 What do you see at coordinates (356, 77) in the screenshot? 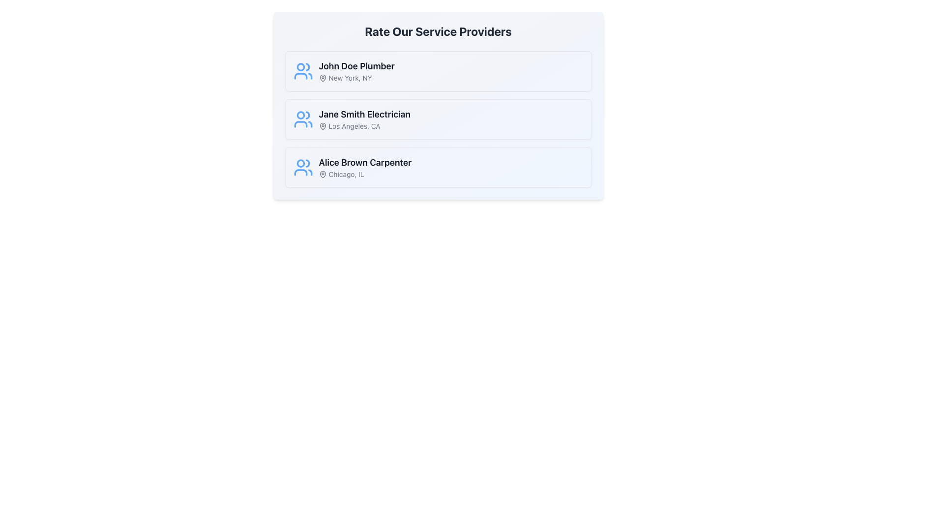
I see `the label indicating the location 'New York, NY' associated with 'John Doe Plumber', which is positioned below the provider's name and to the right of the map pin icon` at bounding box center [356, 77].